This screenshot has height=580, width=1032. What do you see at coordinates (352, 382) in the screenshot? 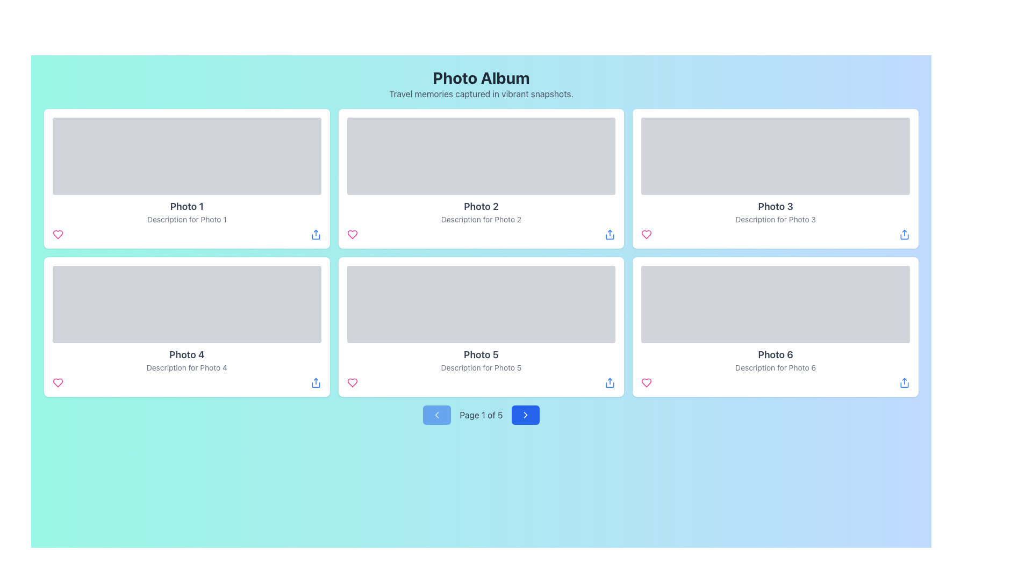
I see `the heart-shaped icon below 'Photo 5' to like or favorite the photo` at bounding box center [352, 382].